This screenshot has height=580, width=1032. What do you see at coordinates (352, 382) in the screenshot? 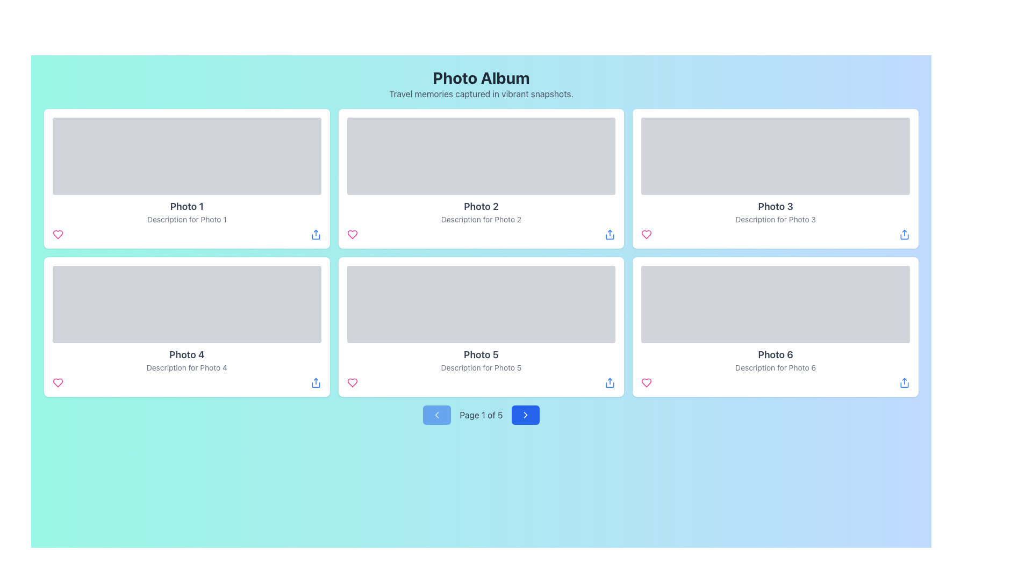
I see `the heart-shaped icon below 'Photo 5' to like or favorite the photo` at bounding box center [352, 382].